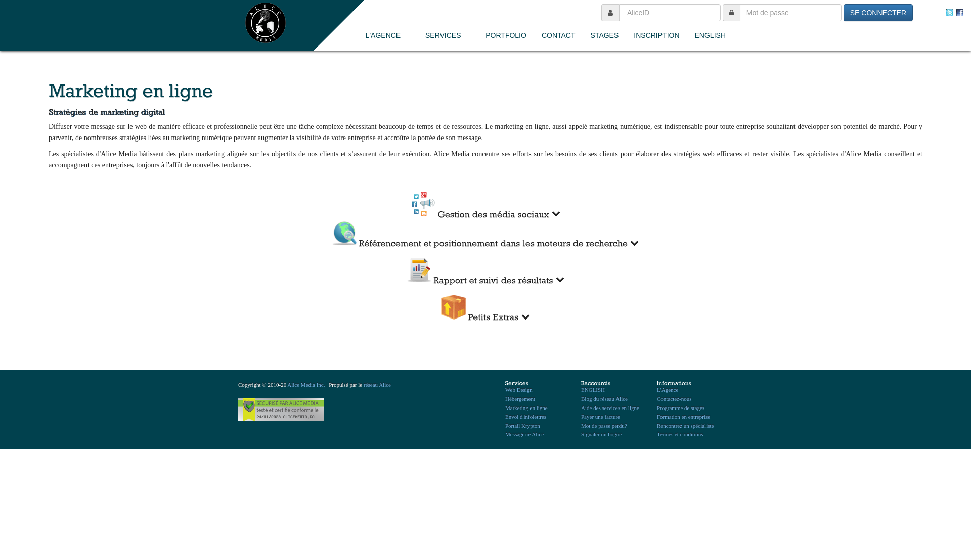 This screenshot has height=546, width=971. What do you see at coordinates (604, 425) in the screenshot?
I see `'Mot de passe perdu?'` at bounding box center [604, 425].